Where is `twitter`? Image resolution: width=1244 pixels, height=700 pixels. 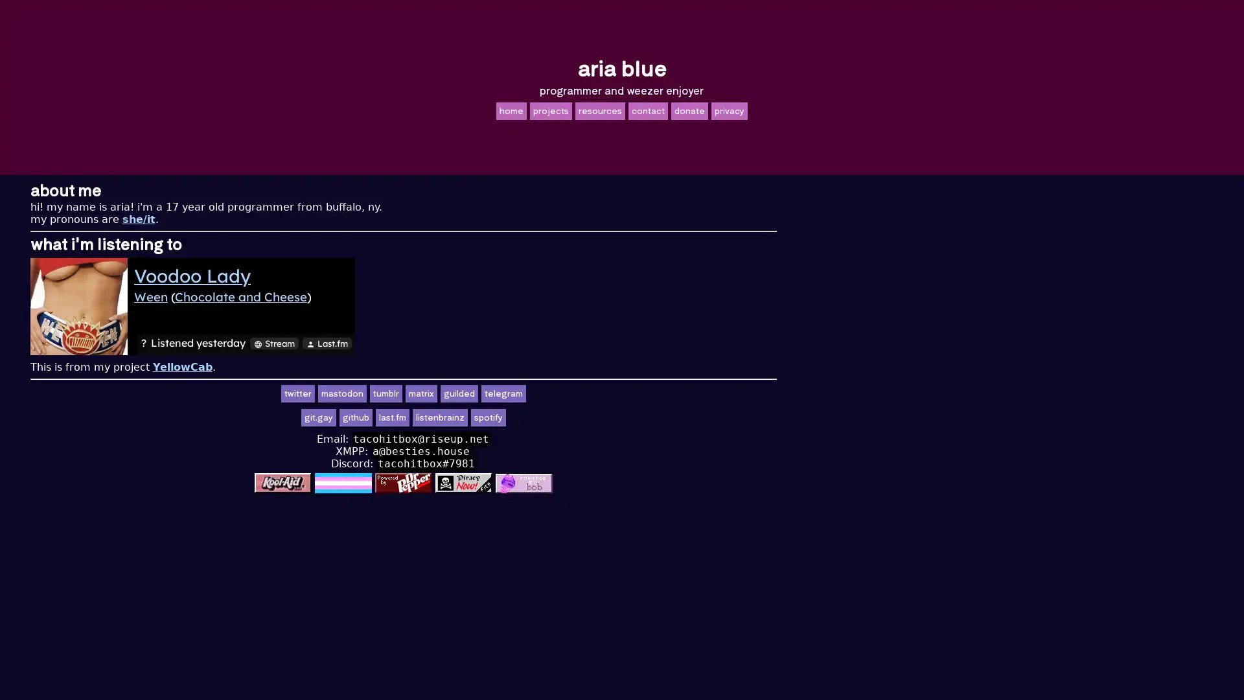
twitter is located at coordinates (515, 393).